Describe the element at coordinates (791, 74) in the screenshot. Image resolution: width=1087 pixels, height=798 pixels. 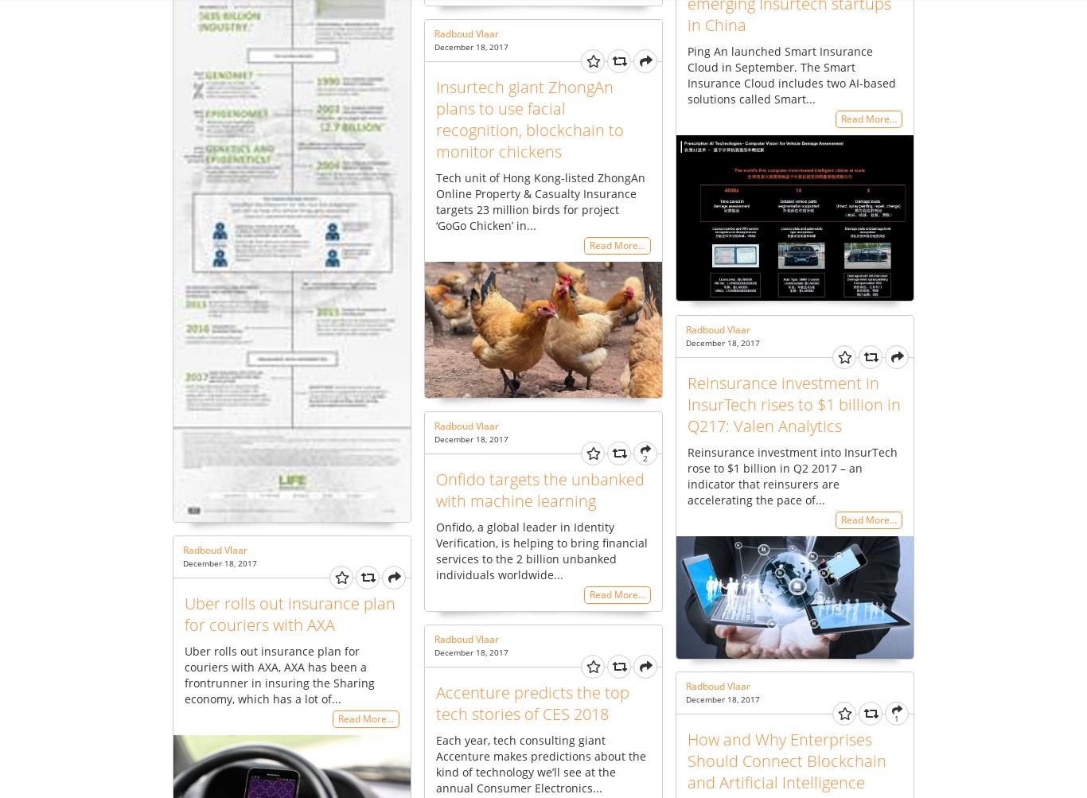
I see `'Ping An launched Smart Insurance Cloud in September. The Smart Insurance Cloud includes two AI-based solutions called Smart...'` at that location.